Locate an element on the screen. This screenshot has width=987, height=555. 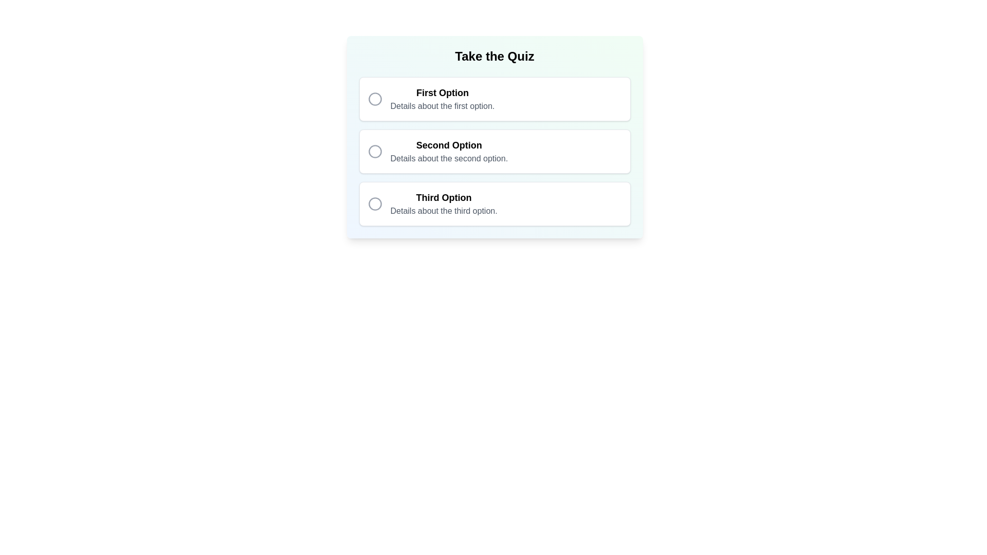
the text segment 'First Option' which is part of the quiz options is located at coordinates (442, 99).